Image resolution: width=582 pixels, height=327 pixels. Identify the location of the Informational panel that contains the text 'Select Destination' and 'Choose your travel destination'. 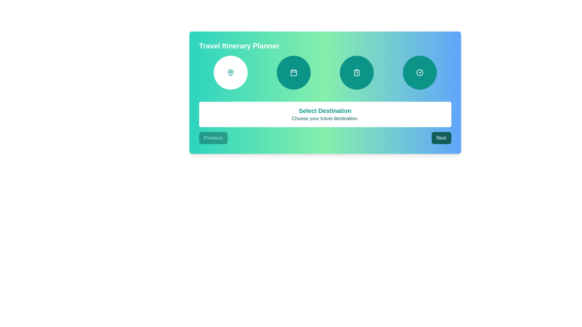
(325, 114).